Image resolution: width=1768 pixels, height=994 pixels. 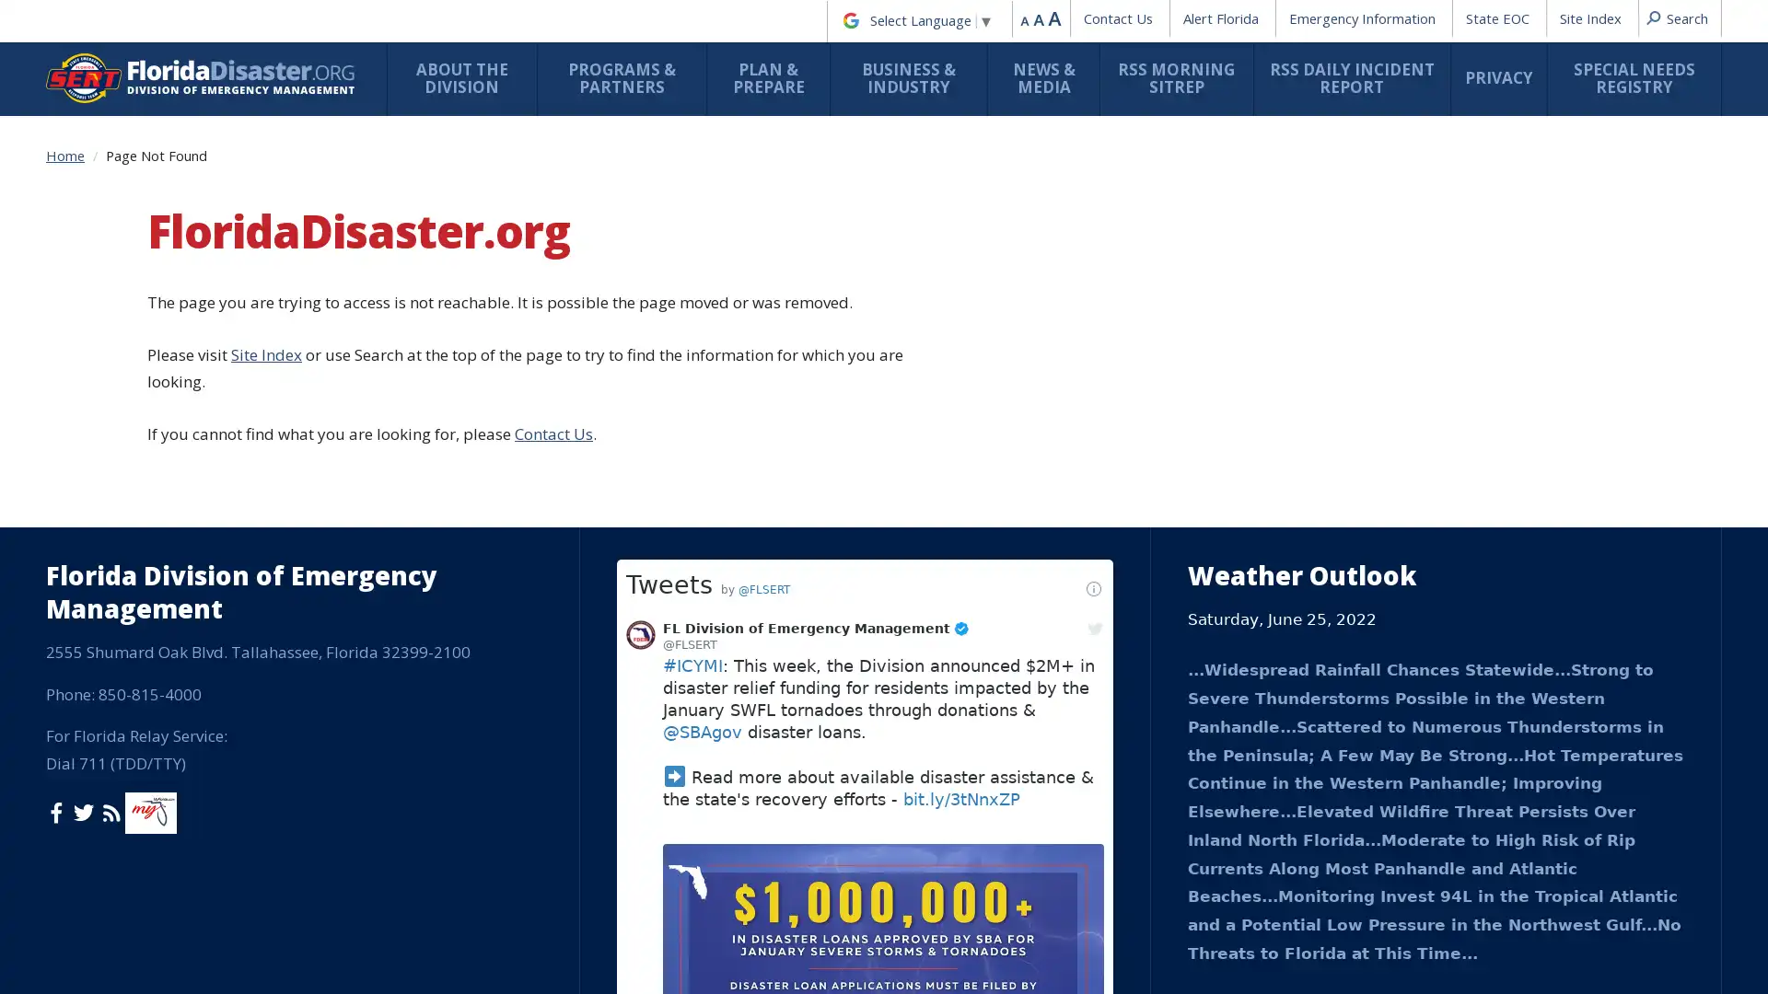 What do you see at coordinates (552, 349) in the screenshot?
I see `Toggle More` at bounding box center [552, 349].